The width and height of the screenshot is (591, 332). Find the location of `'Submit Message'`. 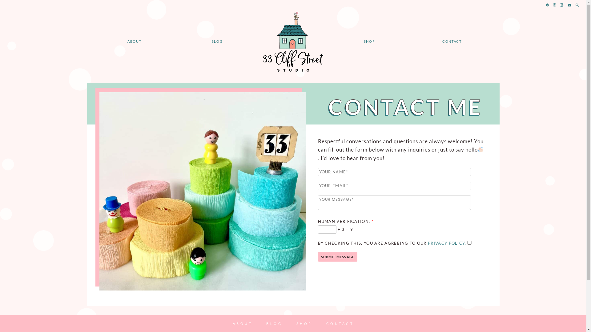

'Submit Message' is located at coordinates (337, 257).